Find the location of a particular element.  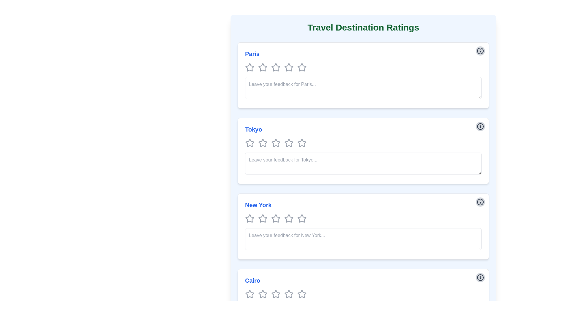

the first star icon with a grey border and hollow center located under the header 'Tokyo' is located at coordinates (250, 143).